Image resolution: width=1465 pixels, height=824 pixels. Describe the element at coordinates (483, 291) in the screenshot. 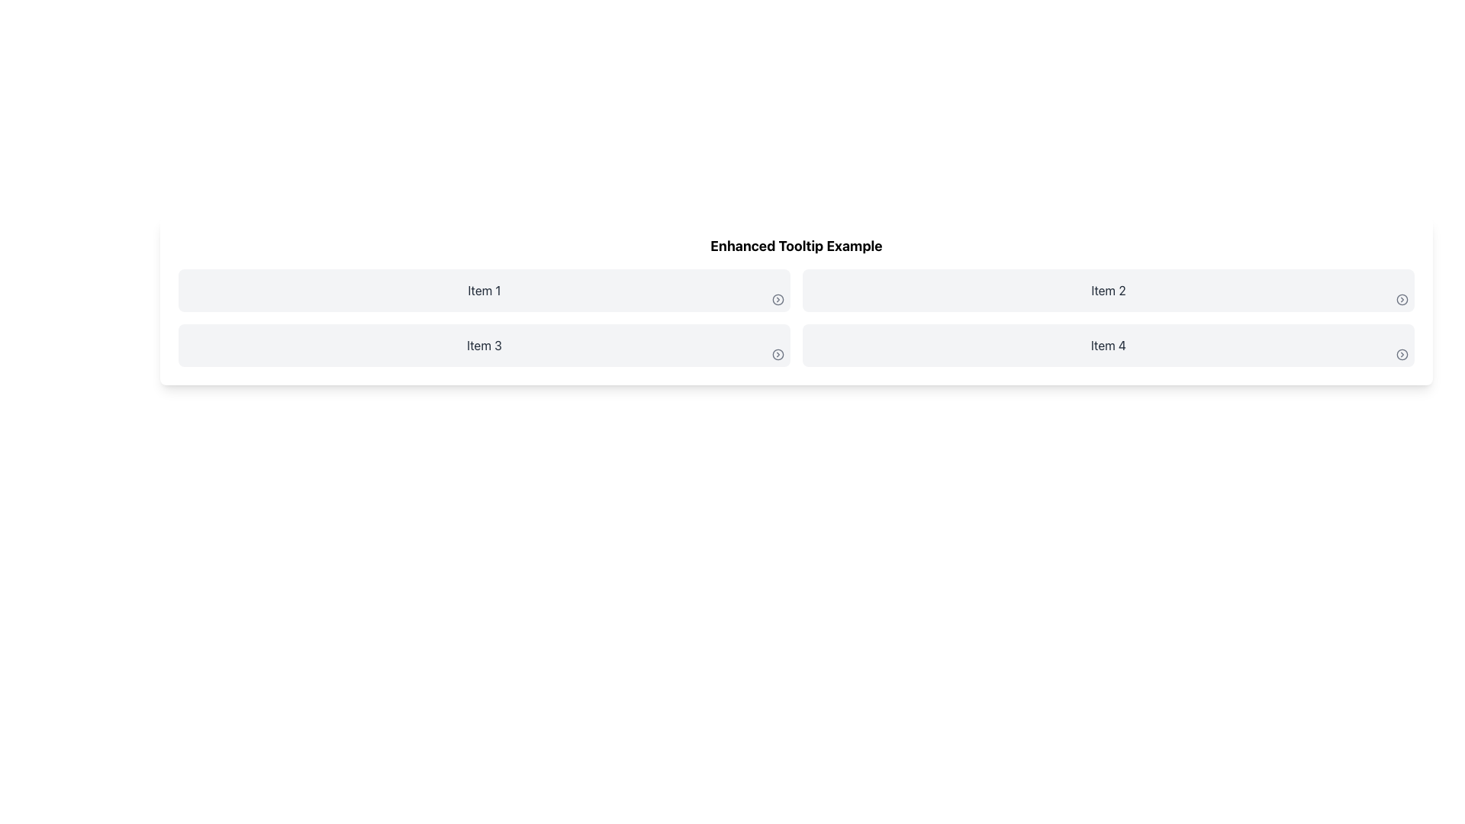

I see `the List item card labeled 'Item 1', which has a light gray background and contains the text 'Item 1' centered within it` at that location.